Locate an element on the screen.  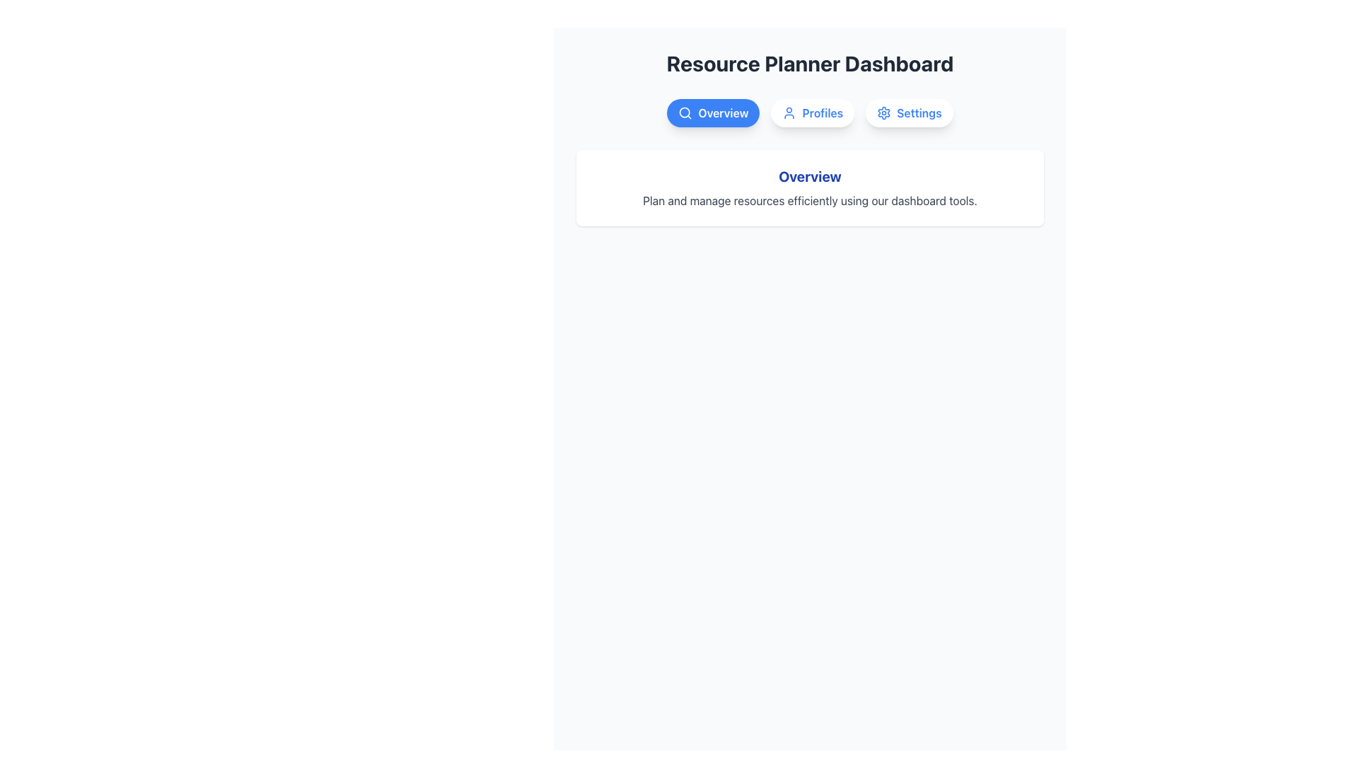
the descriptive text element located below the 'Overview' header to interact with it, even though it appears to be non-interactive is located at coordinates (810, 201).